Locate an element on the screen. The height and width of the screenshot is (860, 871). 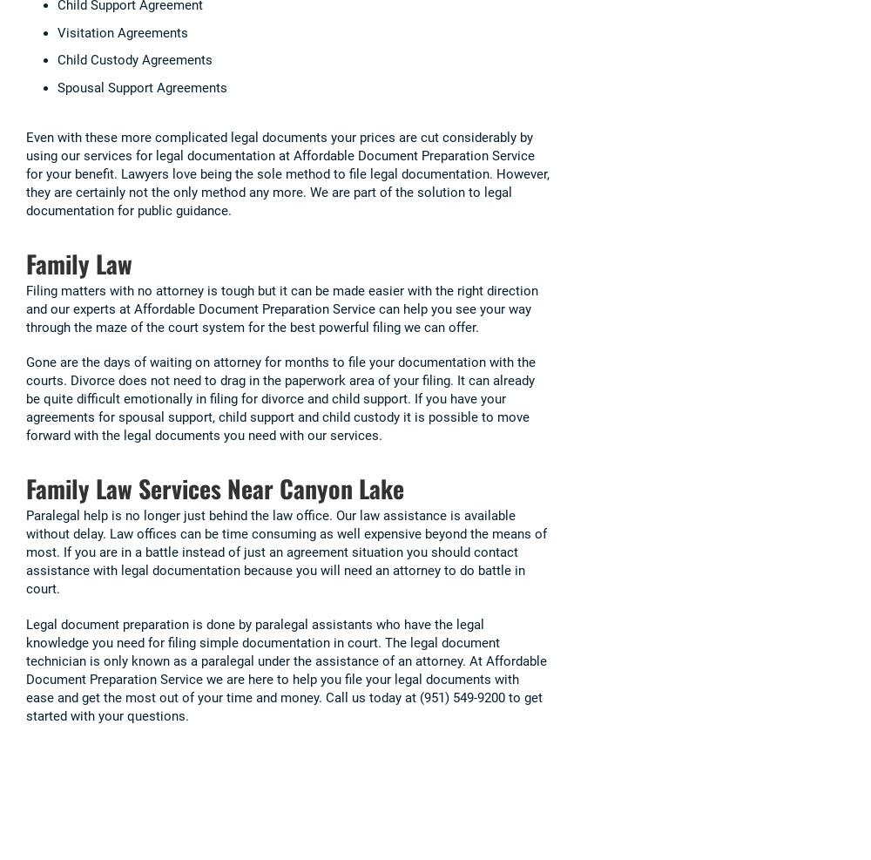
'Even with these more complicated legal documents your prices are cut considerably by using our services for legal documentation at Affordable Document Preparation Service for your benefit. Lawyers love being the sole method to file legal documentation. However, they are certainly not the only method any more. We are part of the solution to legal documentation for public guidance.' is located at coordinates (287, 172).